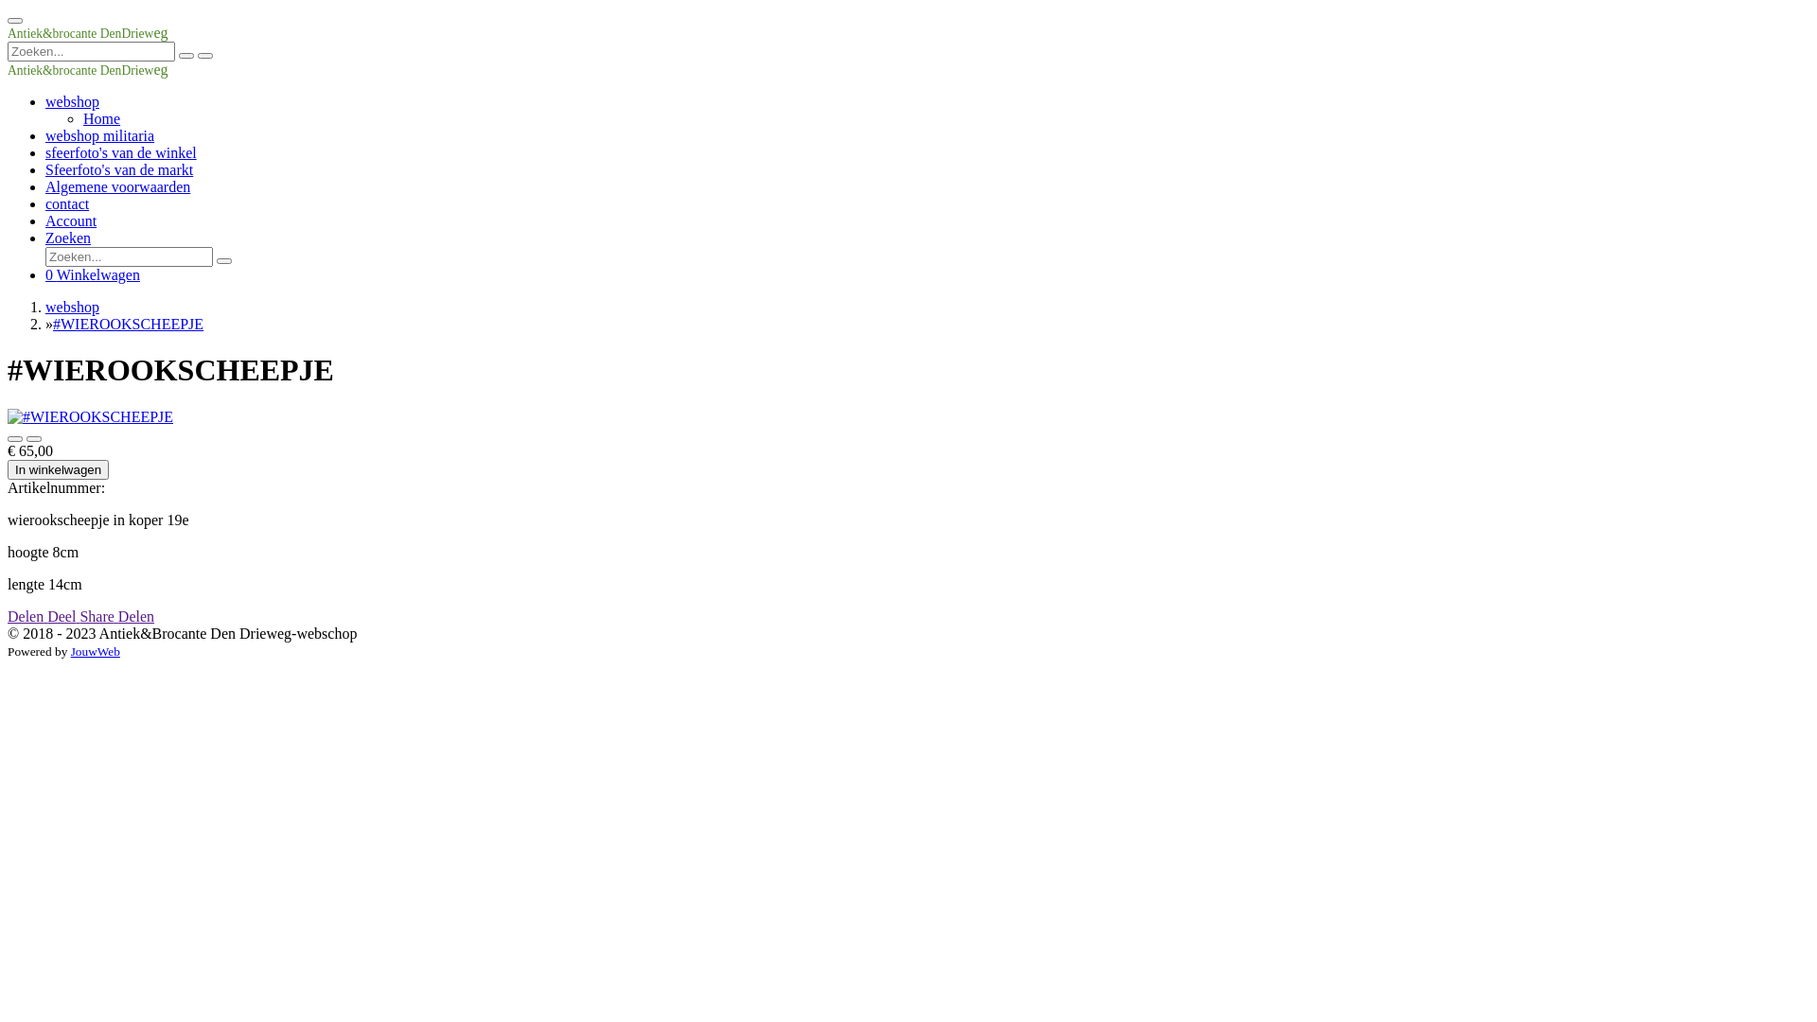 Image resolution: width=1817 pixels, height=1022 pixels. Describe the element at coordinates (8, 68) in the screenshot. I see `'Antiek&brocante DenDrieweg'` at that location.